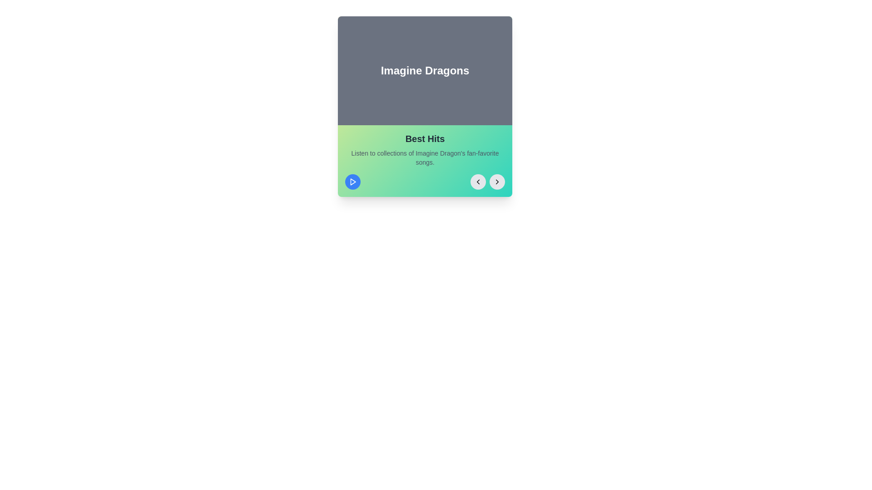 The height and width of the screenshot is (490, 872). Describe the element at coordinates (496, 182) in the screenshot. I see `the chevron icon located at the bottom right of the green section of the card-shaped area, which denotes navigation or scrolling action` at that location.